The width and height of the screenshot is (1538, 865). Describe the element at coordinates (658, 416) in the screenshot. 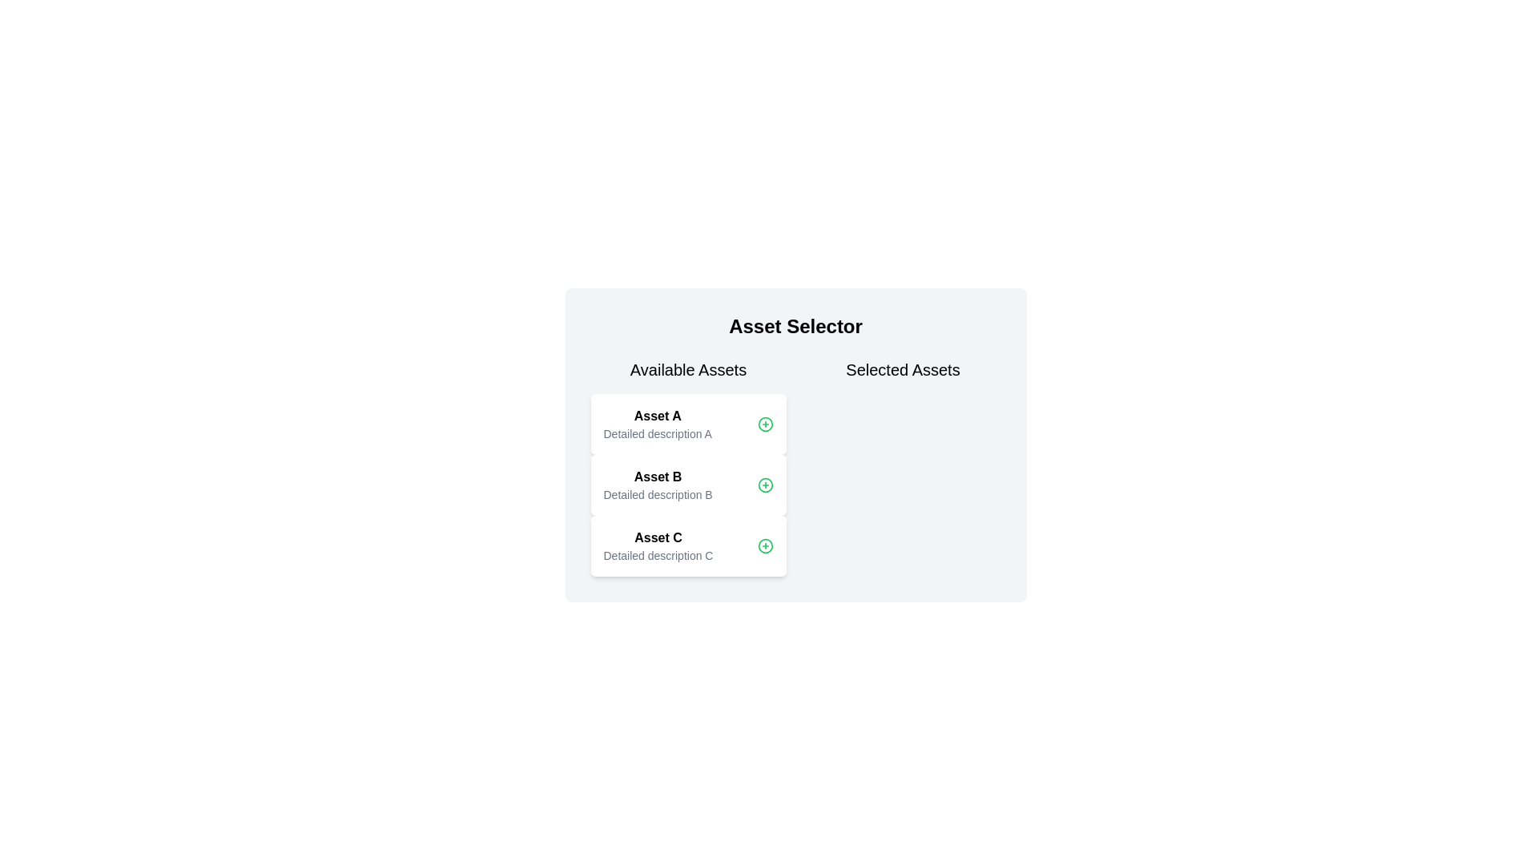

I see `the text label 'Asset A' in the 'Available Assets' section of the 'Asset Selector' interface to reference the asset for selection` at that location.